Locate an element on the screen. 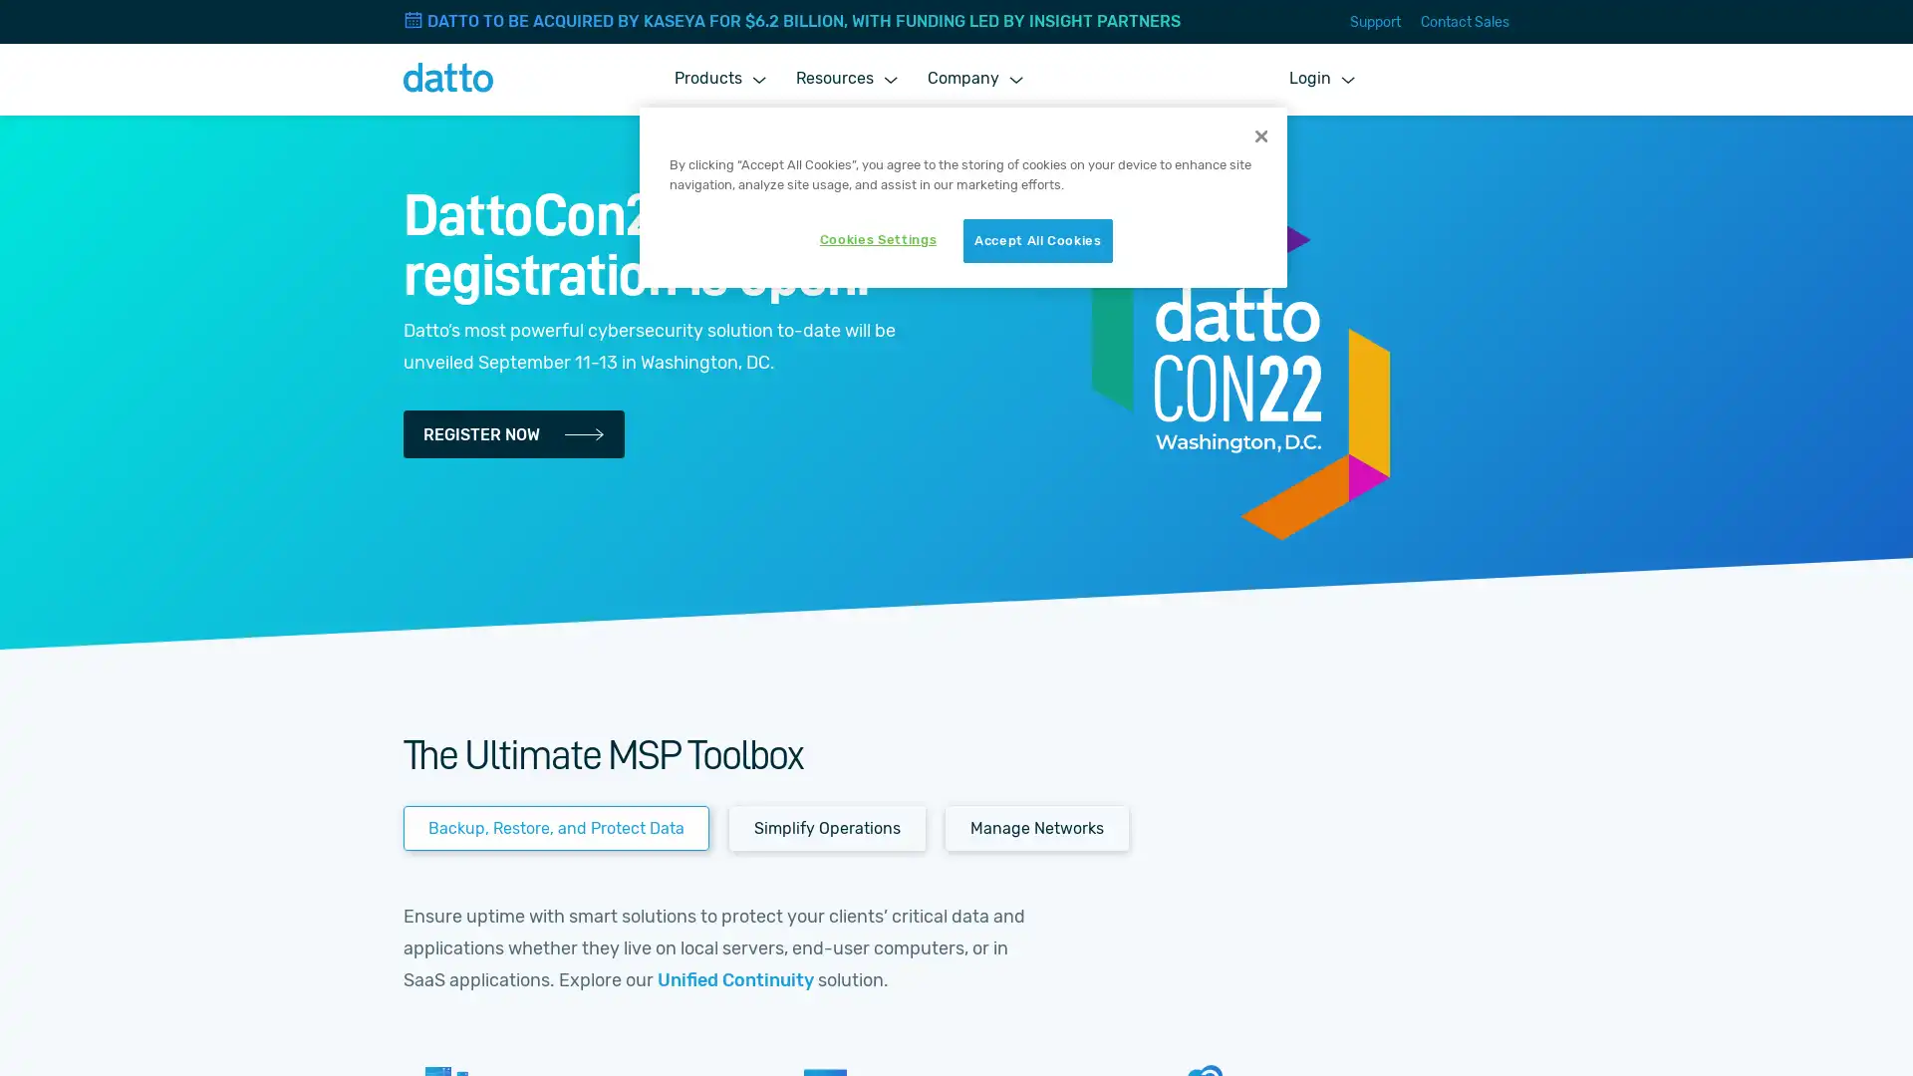 Image resolution: width=1913 pixels, height=1076 pixels. Company is located at coordinates (956, 77).